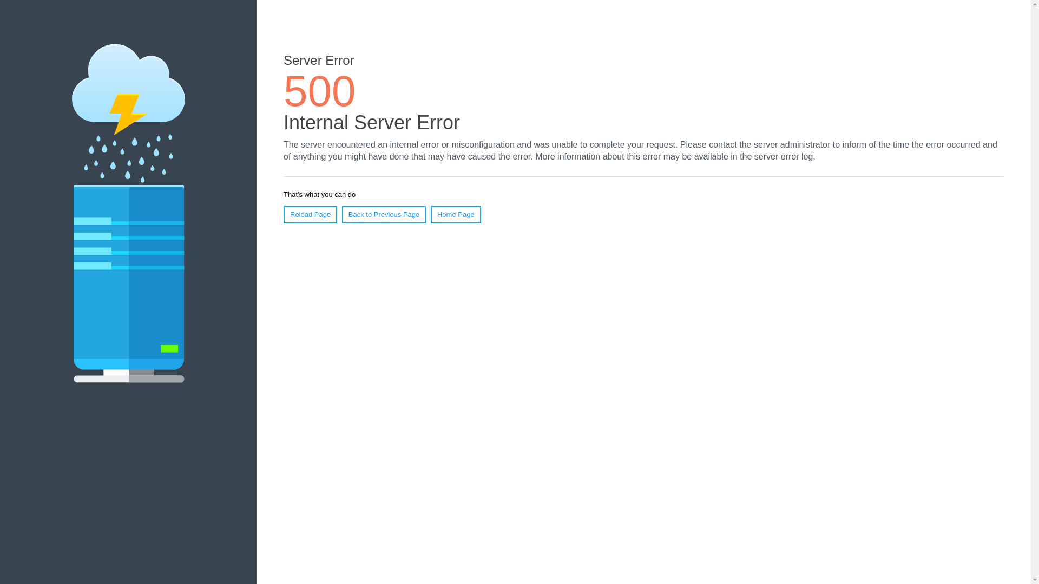 Image resolution: width=1039 pixels, height=584 pixels. Describe the element at coordinates (341, 215) in the screenshot. I see `'Back to Previous Page'` at that location.